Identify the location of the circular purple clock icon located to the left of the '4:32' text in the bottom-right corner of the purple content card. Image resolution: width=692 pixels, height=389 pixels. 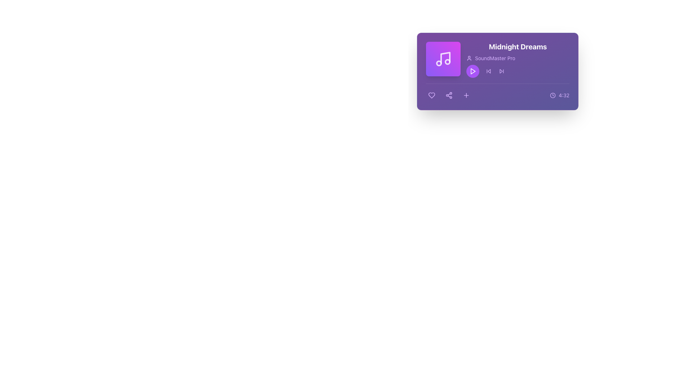
(553, 95).